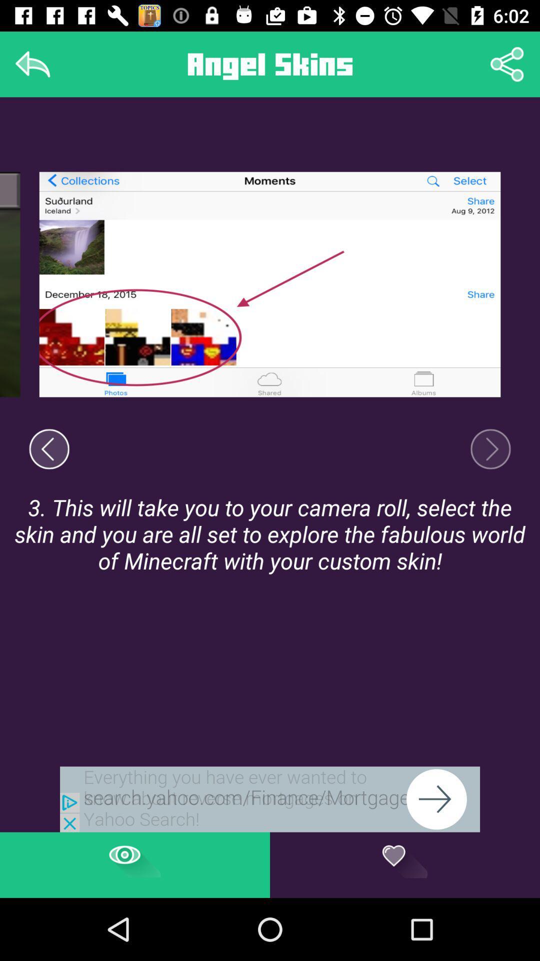 The width and height of the screenshot is (540, 961). What do you see at coordinates (490, 448) in the screenshot?
I see `camera for photography` at bounding box center [490, 448].